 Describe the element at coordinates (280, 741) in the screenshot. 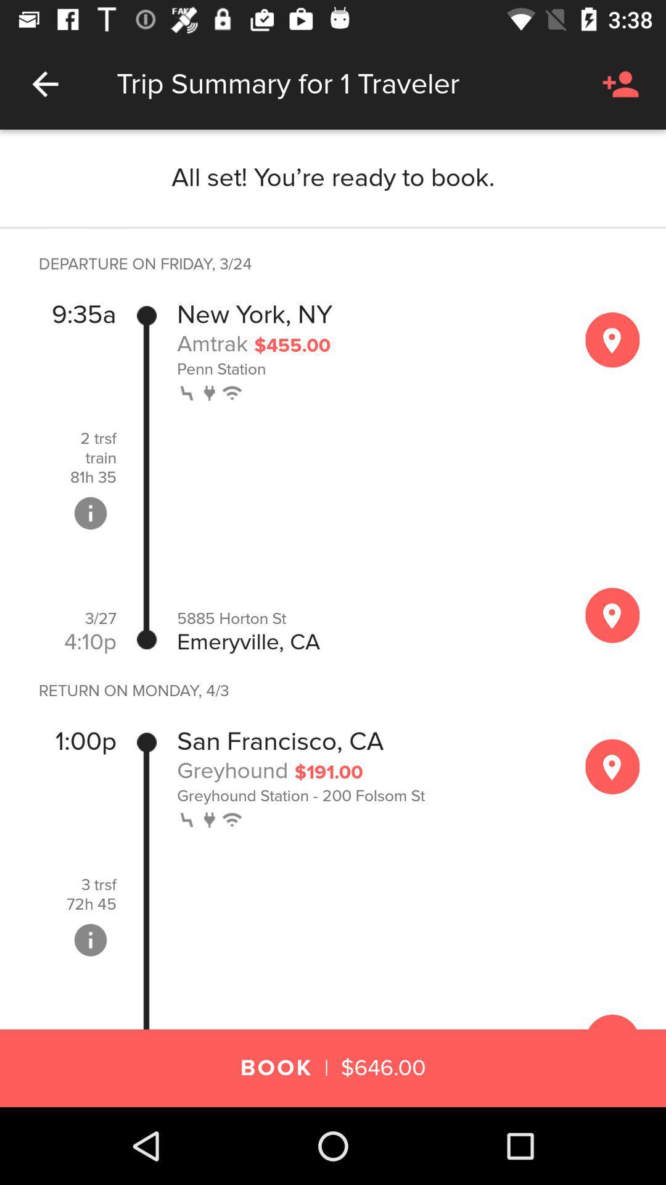

I see `the san francisco, ca icon` at that location.